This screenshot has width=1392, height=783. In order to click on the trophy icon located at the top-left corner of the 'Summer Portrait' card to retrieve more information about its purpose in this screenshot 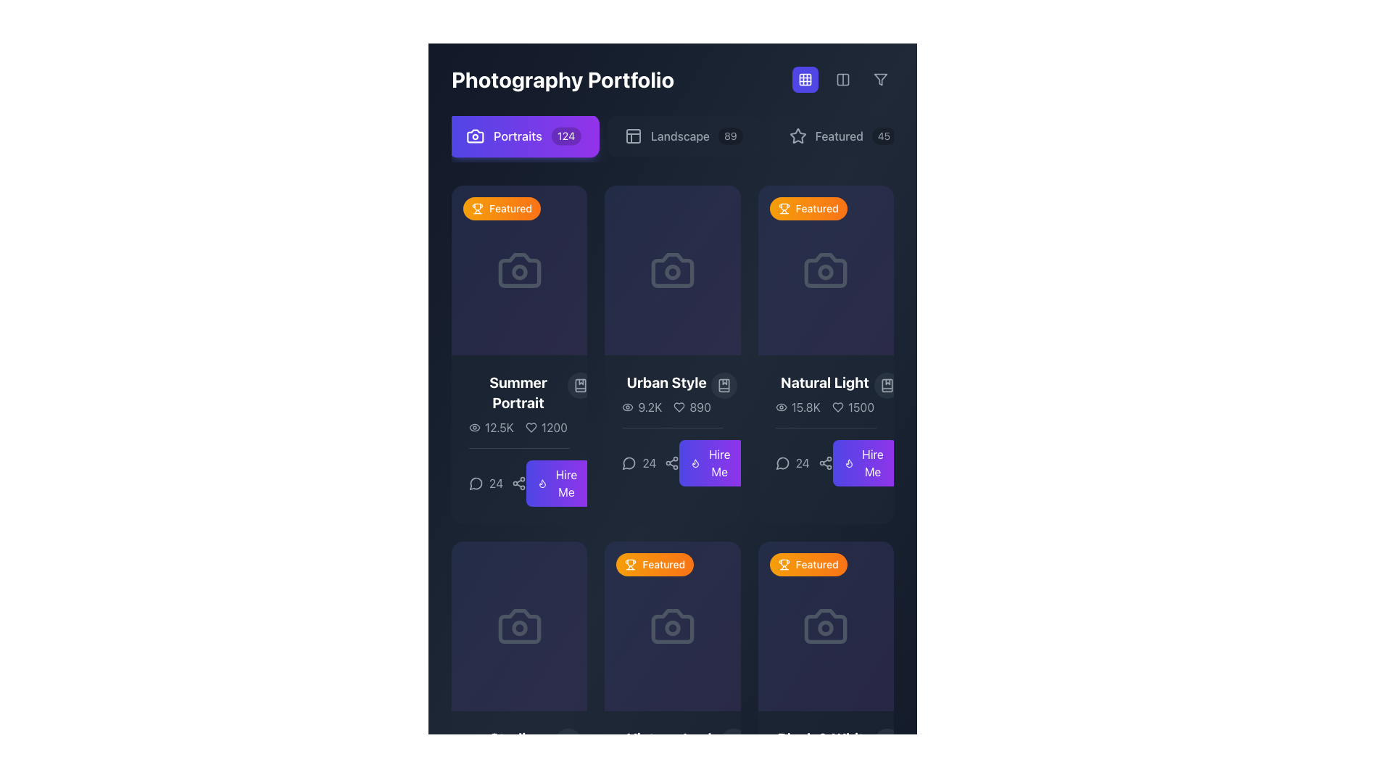, I will do `click(477, 209)`.